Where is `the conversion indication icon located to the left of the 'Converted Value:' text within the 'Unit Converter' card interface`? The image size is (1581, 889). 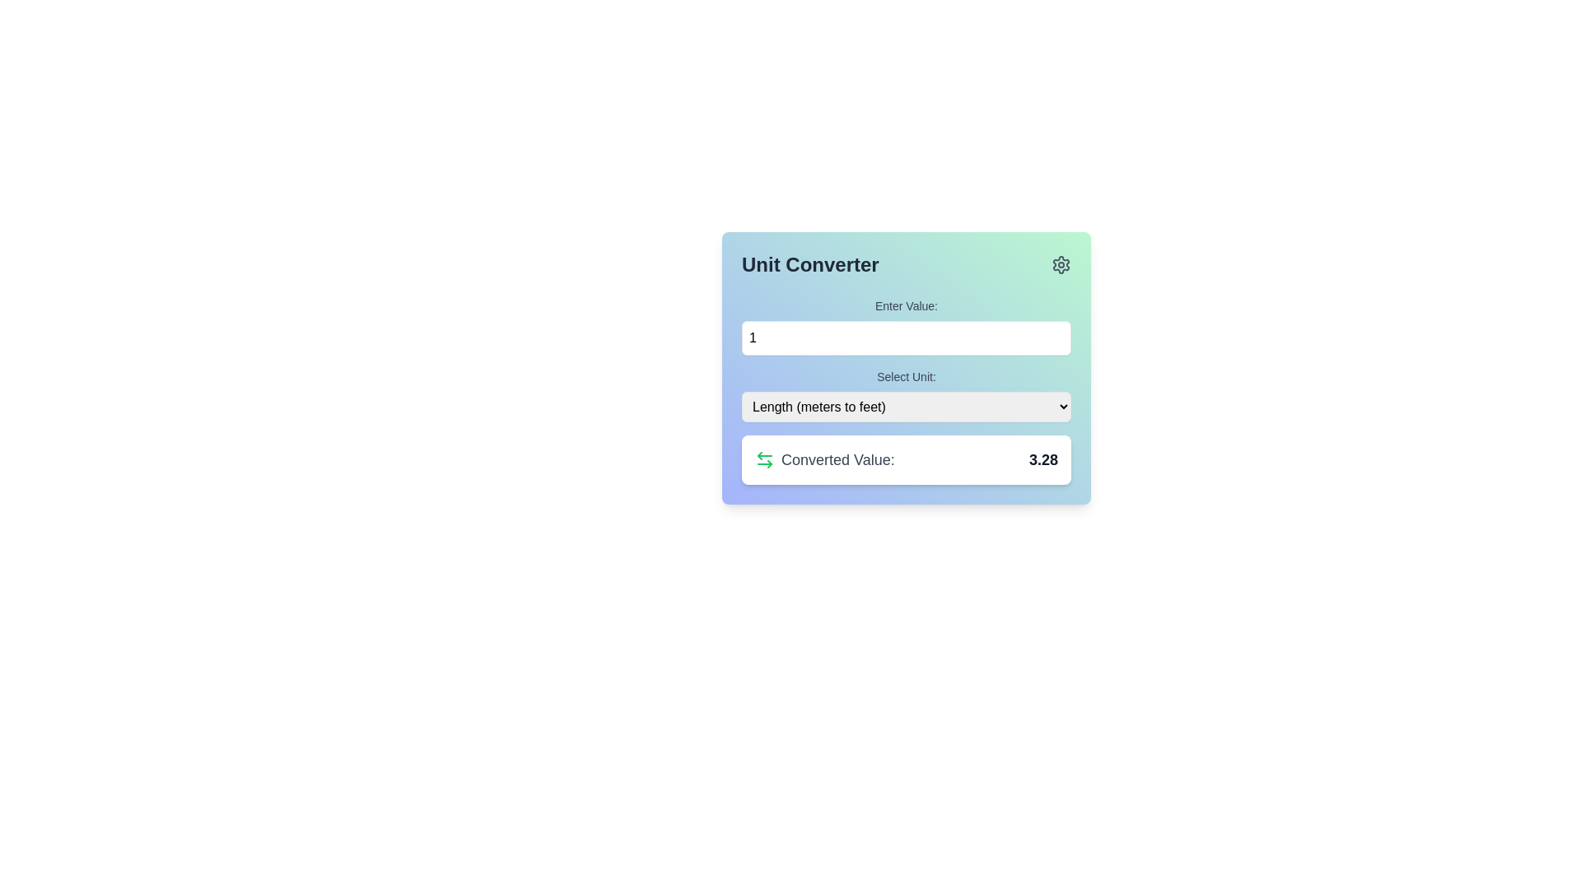
the conversion indication icon located to the left of the 'Converted Value:' text within the 'Unit Converter' card interface is located at coordinates (764, 460).